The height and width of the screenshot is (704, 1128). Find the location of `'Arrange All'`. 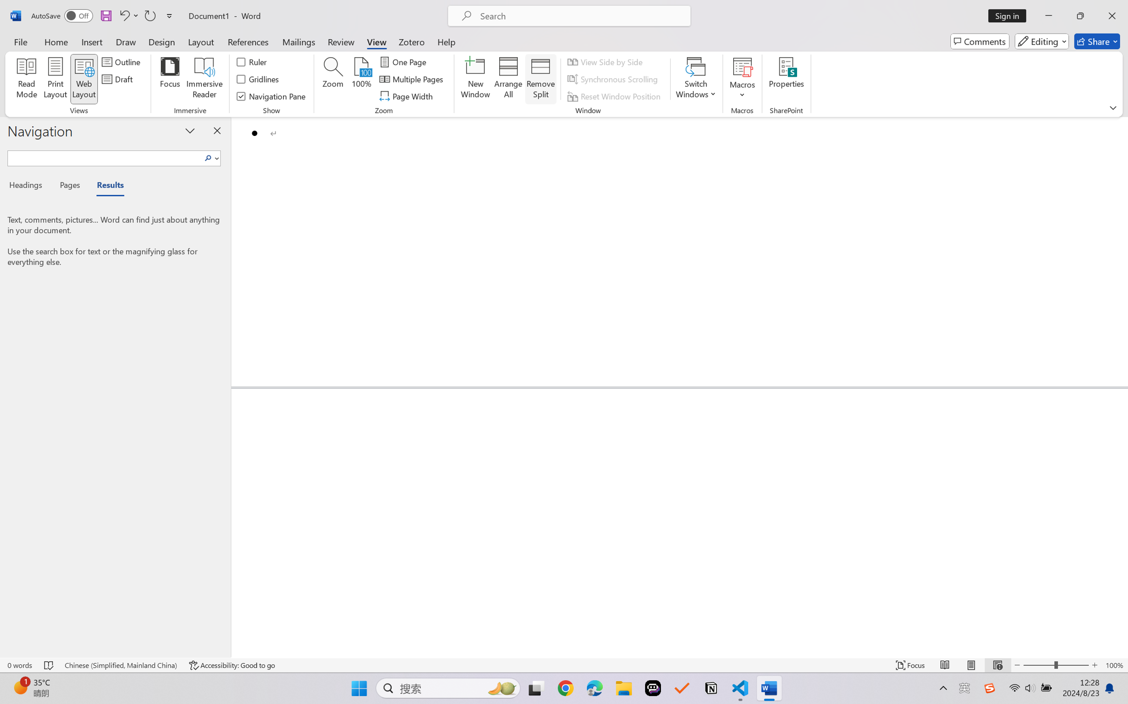

'Arrange All' is located at coordinates (508, 79).